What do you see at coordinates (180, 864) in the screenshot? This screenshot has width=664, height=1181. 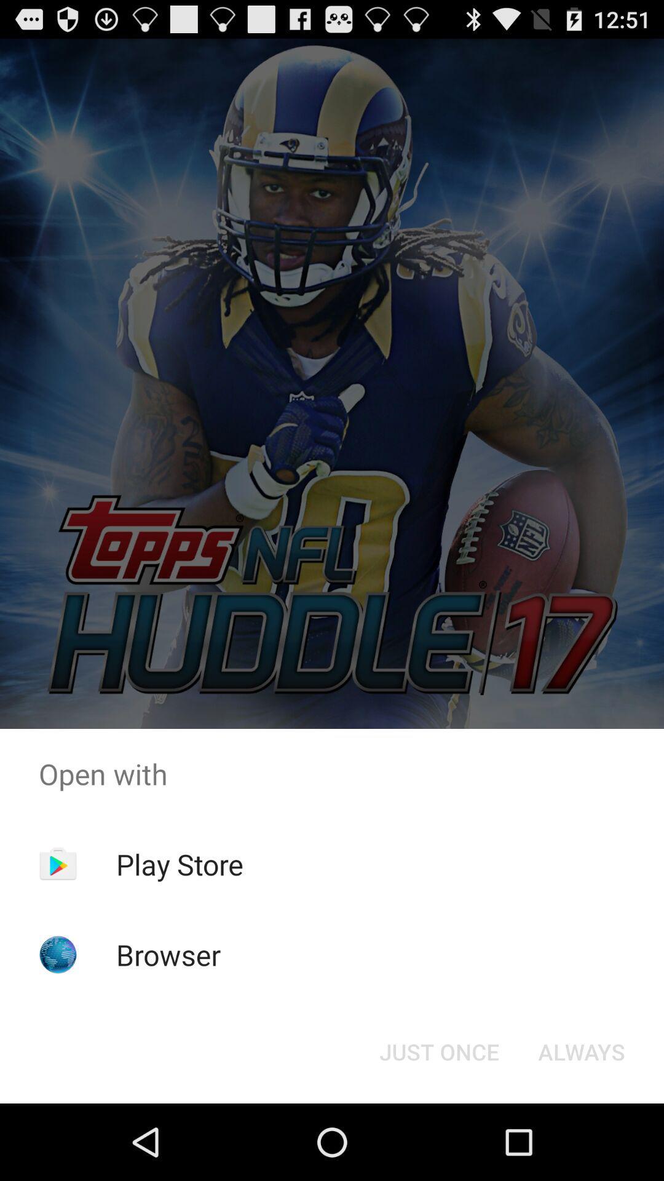 I see `the app below open with item` at bounding box center [180, 864].